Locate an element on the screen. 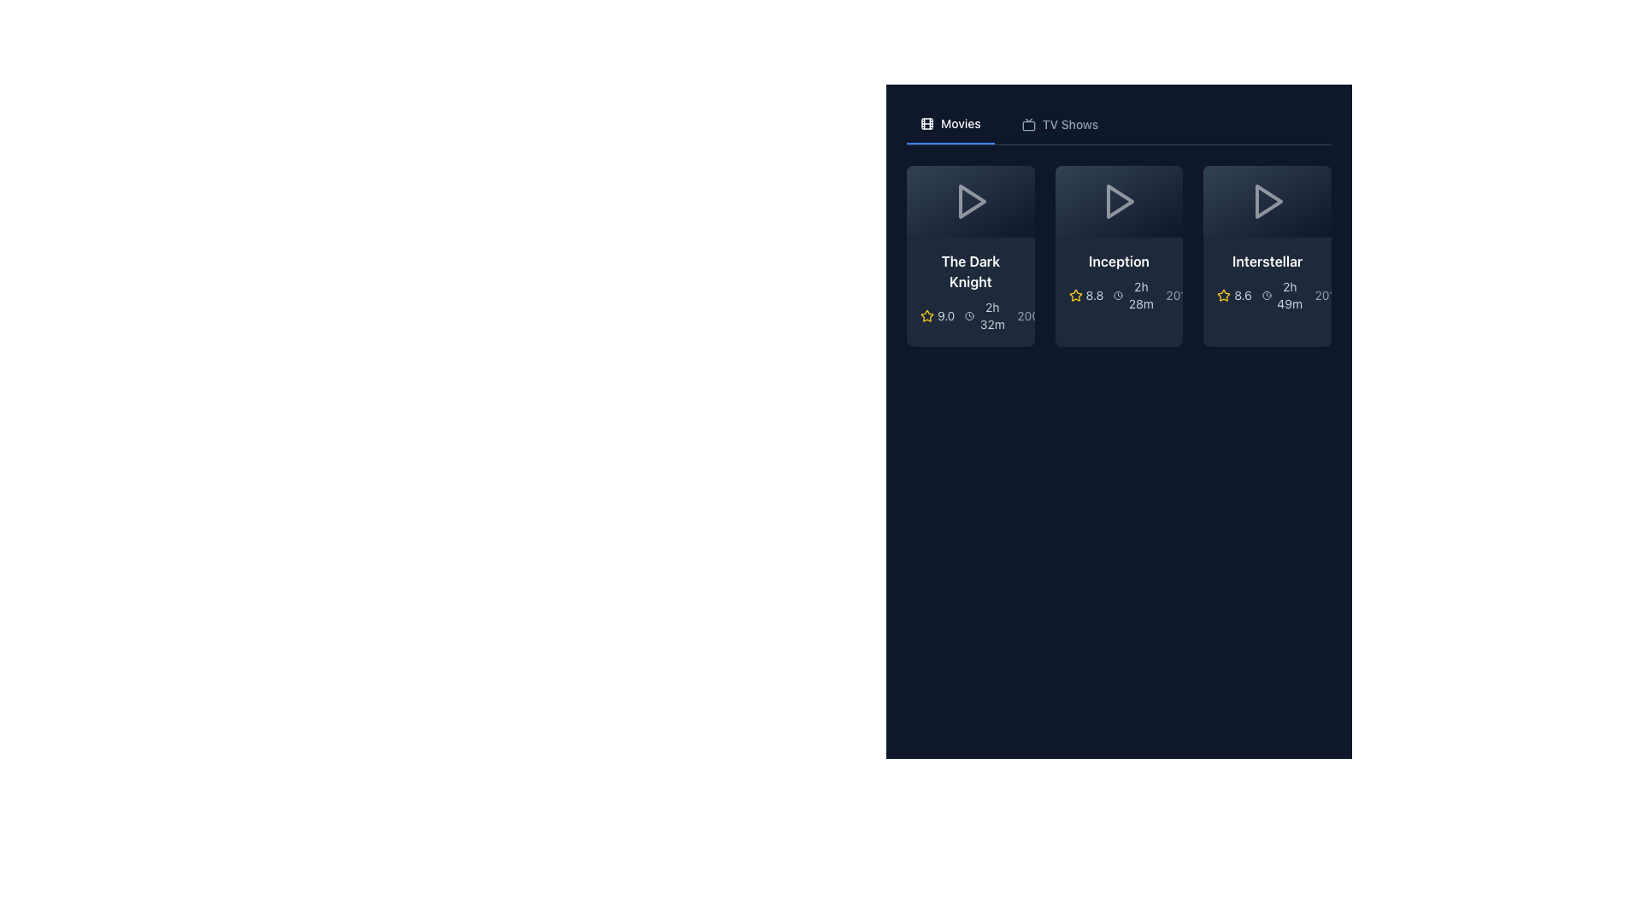  the text label displaying '8.8', which is a rating indicator located next to a yellow star icon within the movie card for 'Inception' is located at coordinates (1095, 295).